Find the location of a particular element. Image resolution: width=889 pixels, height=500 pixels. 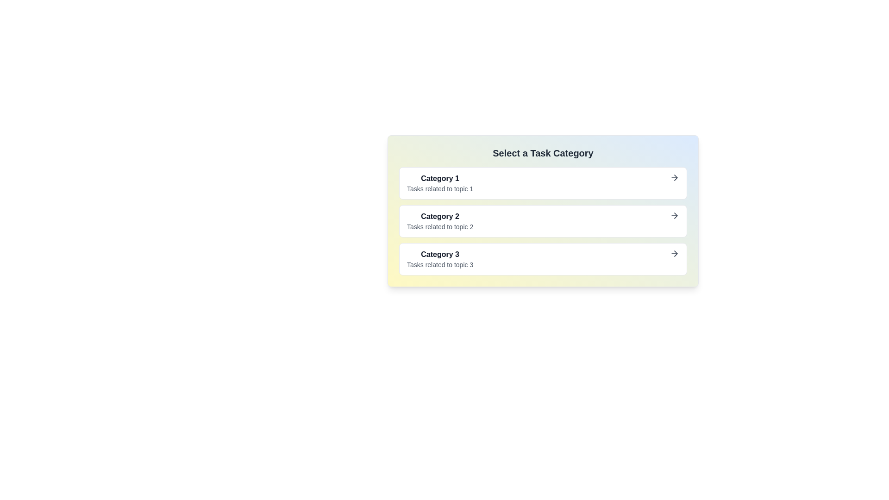

the 'Category 2' text label, which is the second item in a vertical list of task categories is located at coordinates (439, 221).